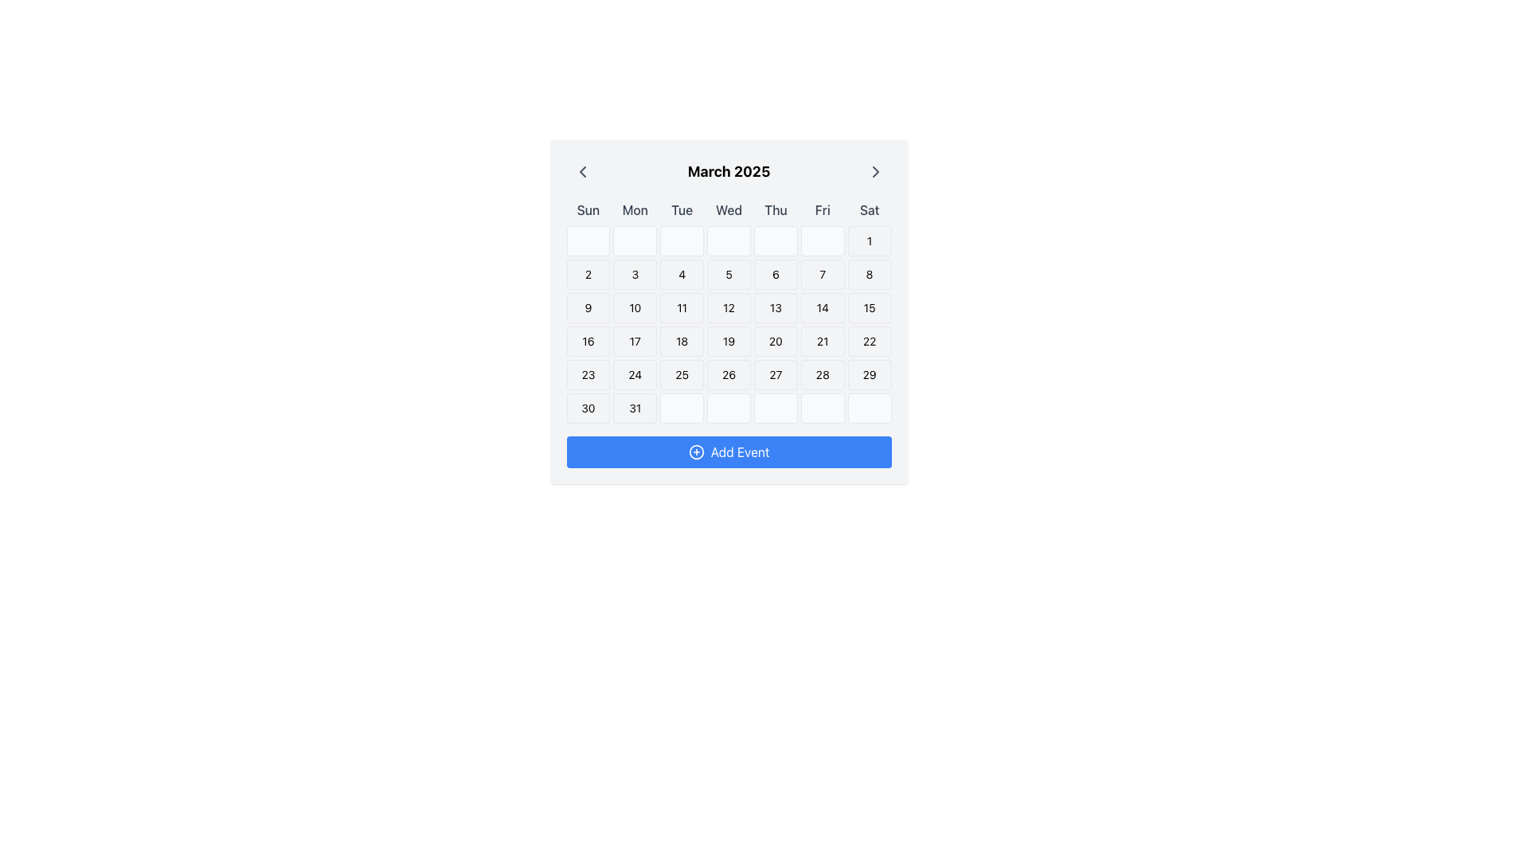  What do you see at coordinates (776, 340) in the screenshot?
I see `the button representing the date '20' in the calendar month view` at bounding box center [776, 340].